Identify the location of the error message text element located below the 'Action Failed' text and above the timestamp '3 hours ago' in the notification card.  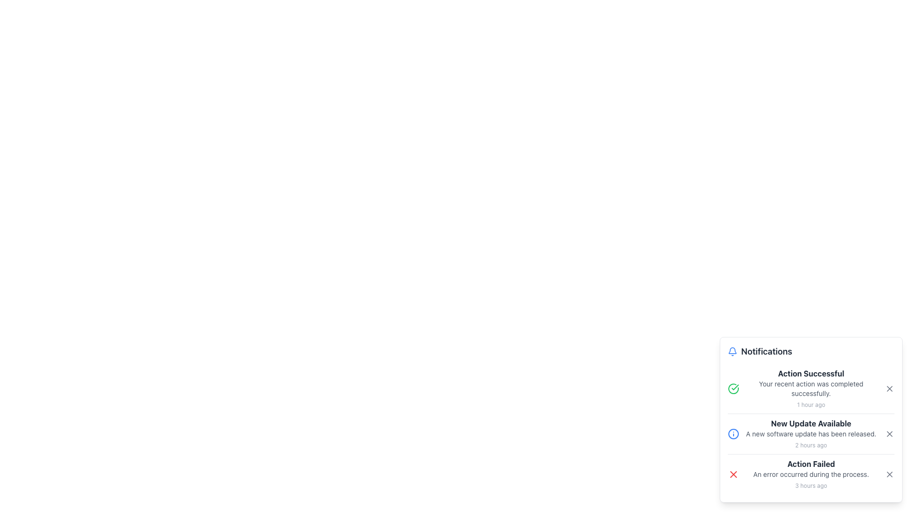
(811, 474).